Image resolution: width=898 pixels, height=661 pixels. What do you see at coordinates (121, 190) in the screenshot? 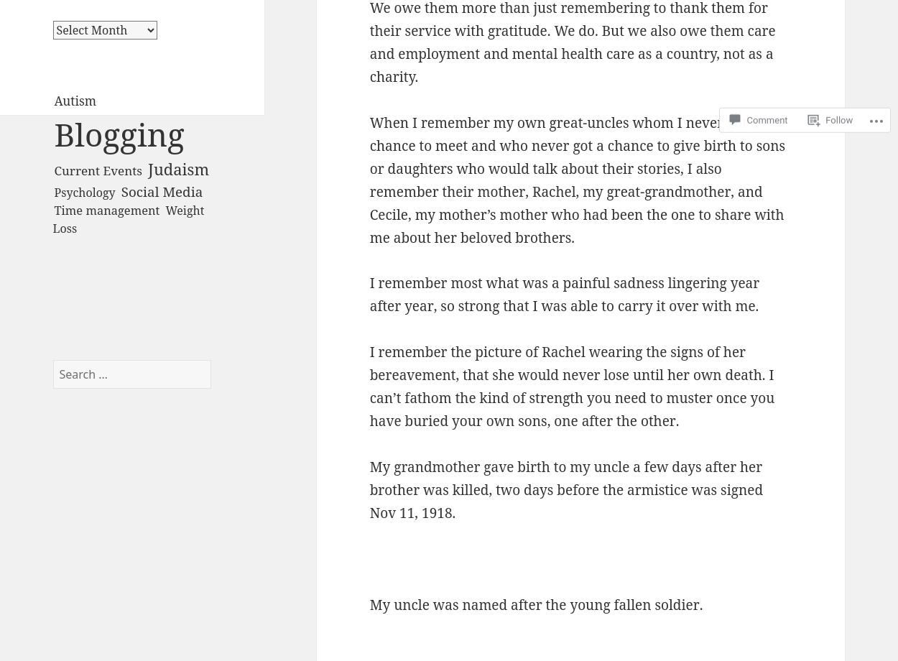
I see `'Social Media'` at bounding box center [121, 190].